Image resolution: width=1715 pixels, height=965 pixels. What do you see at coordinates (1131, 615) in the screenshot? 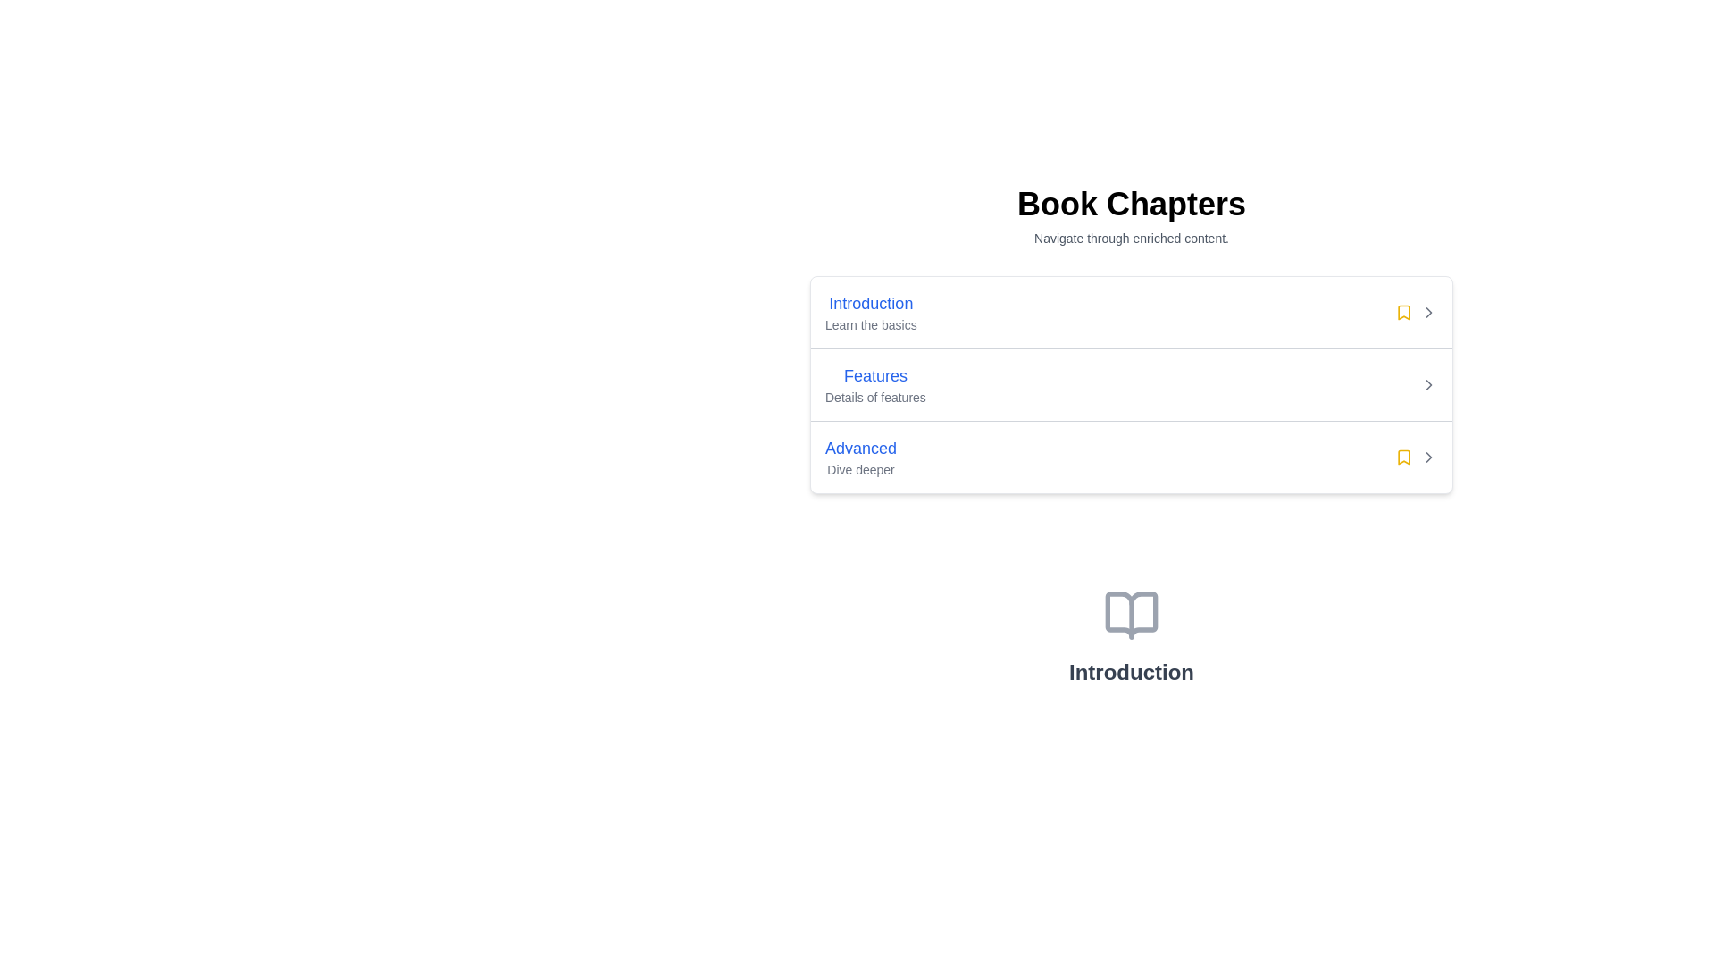
I see `the right-side page of the open-book icon located below the chapter list titled 'Introduction', 'Features', and 'Advanced'` at bounding box center [1131, 615].